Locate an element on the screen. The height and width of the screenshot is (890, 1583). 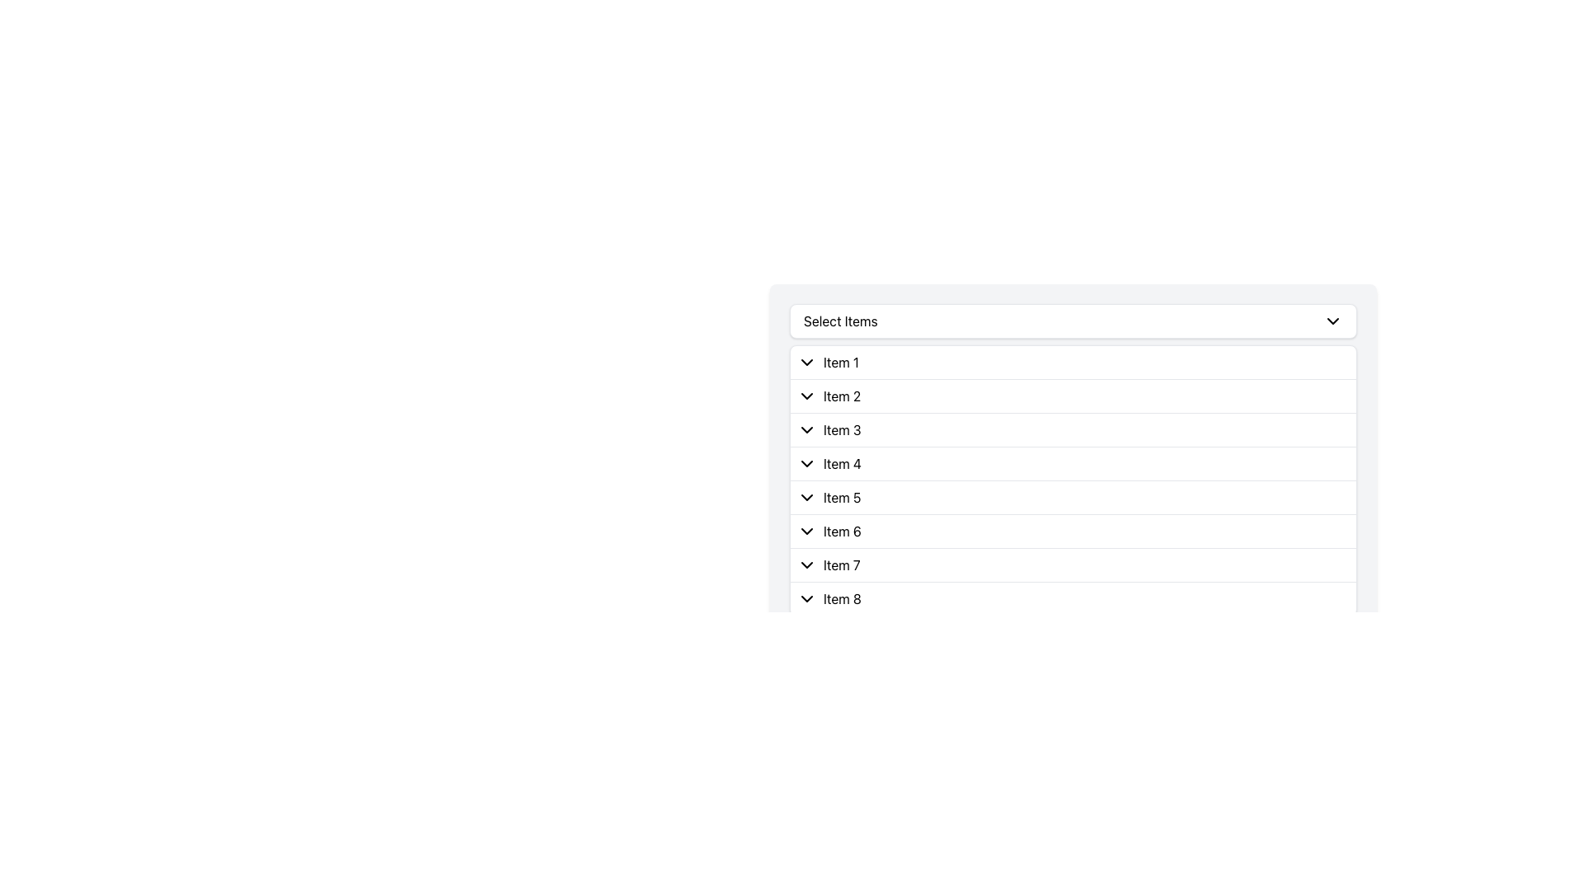
the downward-facing chevron icon located next to 'Item 6' in the sixth row is located at coordinates (807, 531).